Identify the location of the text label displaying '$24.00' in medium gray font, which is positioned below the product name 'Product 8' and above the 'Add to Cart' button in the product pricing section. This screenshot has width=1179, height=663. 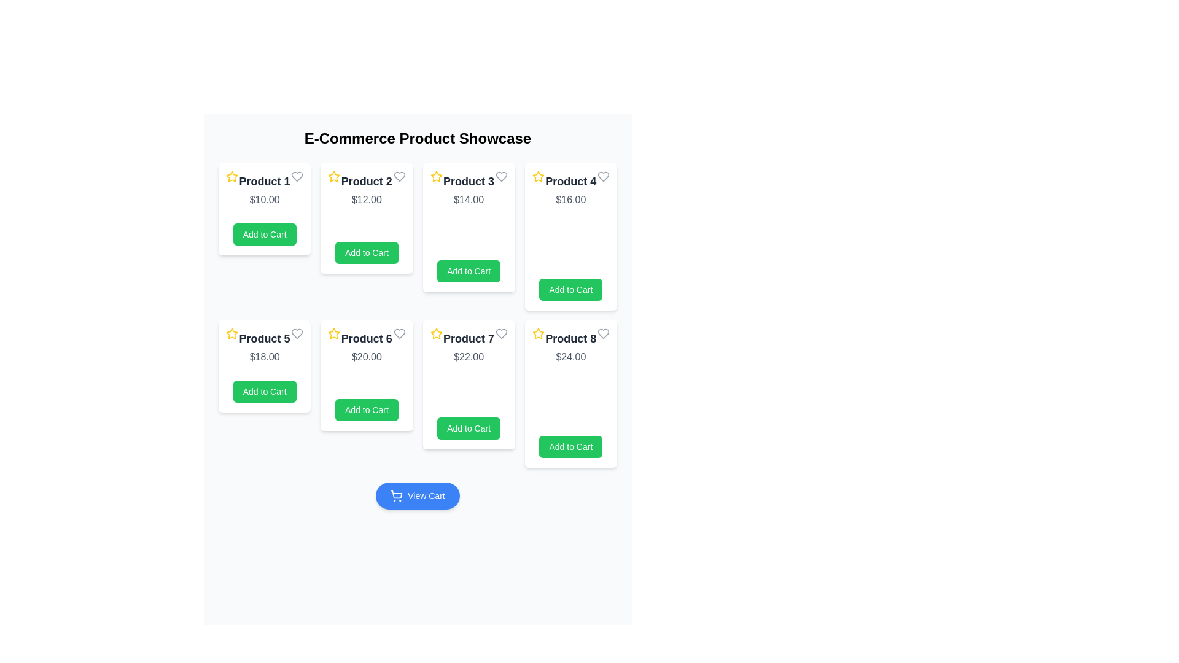
(570, 357).